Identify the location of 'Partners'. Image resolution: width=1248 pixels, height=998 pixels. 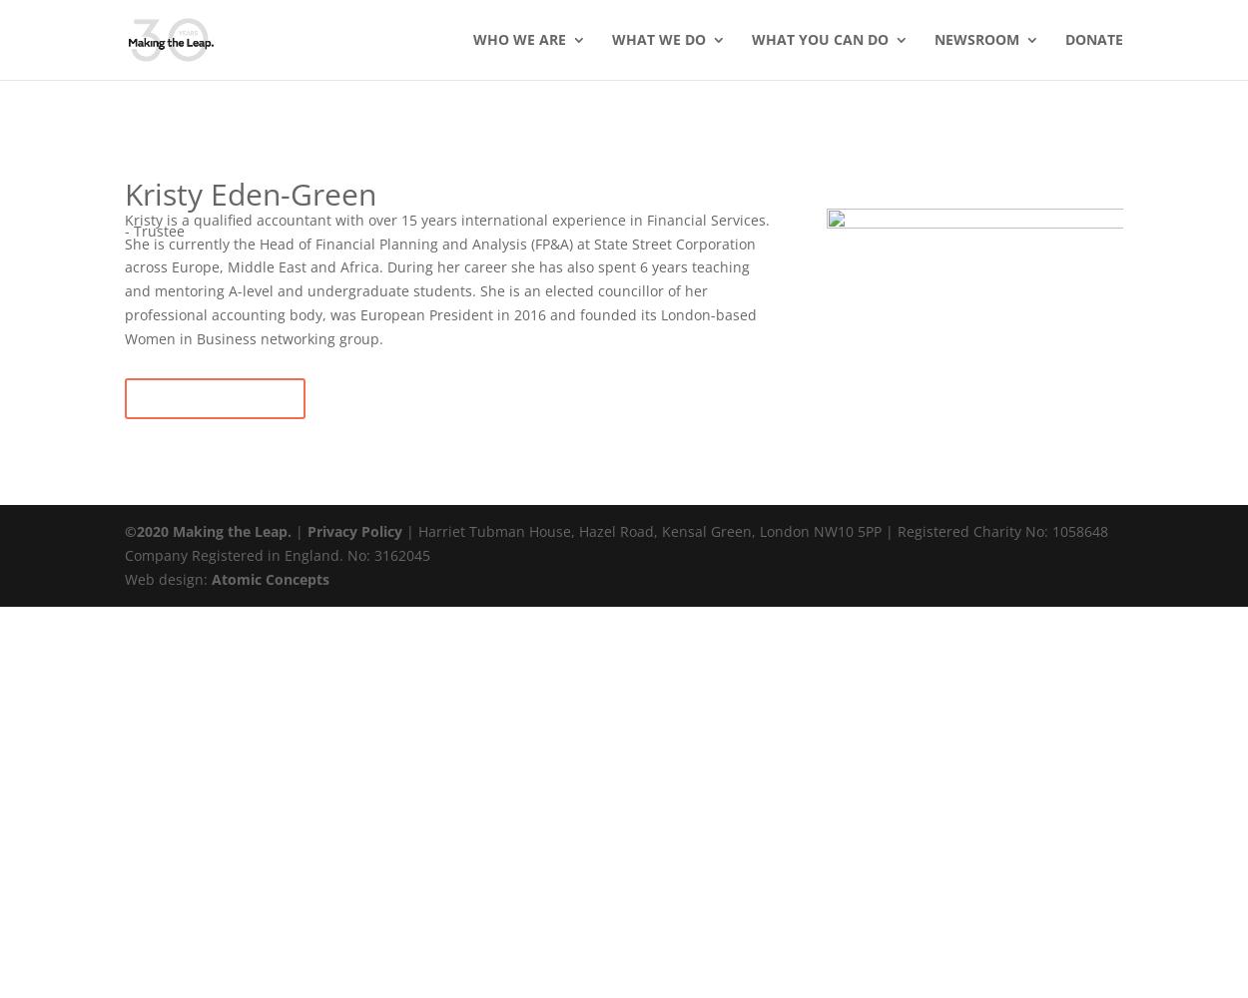
(542, 320).